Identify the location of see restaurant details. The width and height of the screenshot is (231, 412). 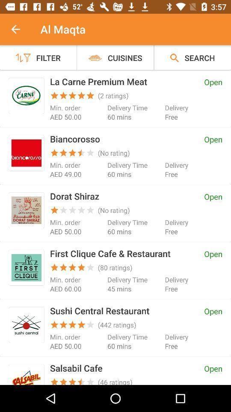
(26, 376).